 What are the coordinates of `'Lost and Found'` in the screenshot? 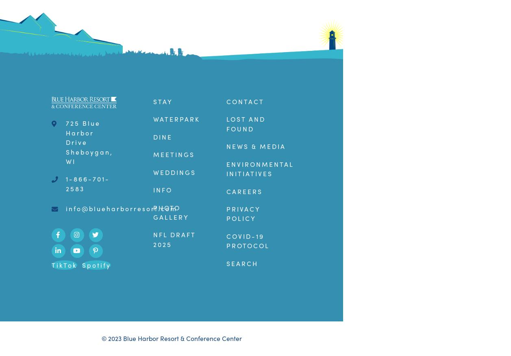 It's located at (245, 123).